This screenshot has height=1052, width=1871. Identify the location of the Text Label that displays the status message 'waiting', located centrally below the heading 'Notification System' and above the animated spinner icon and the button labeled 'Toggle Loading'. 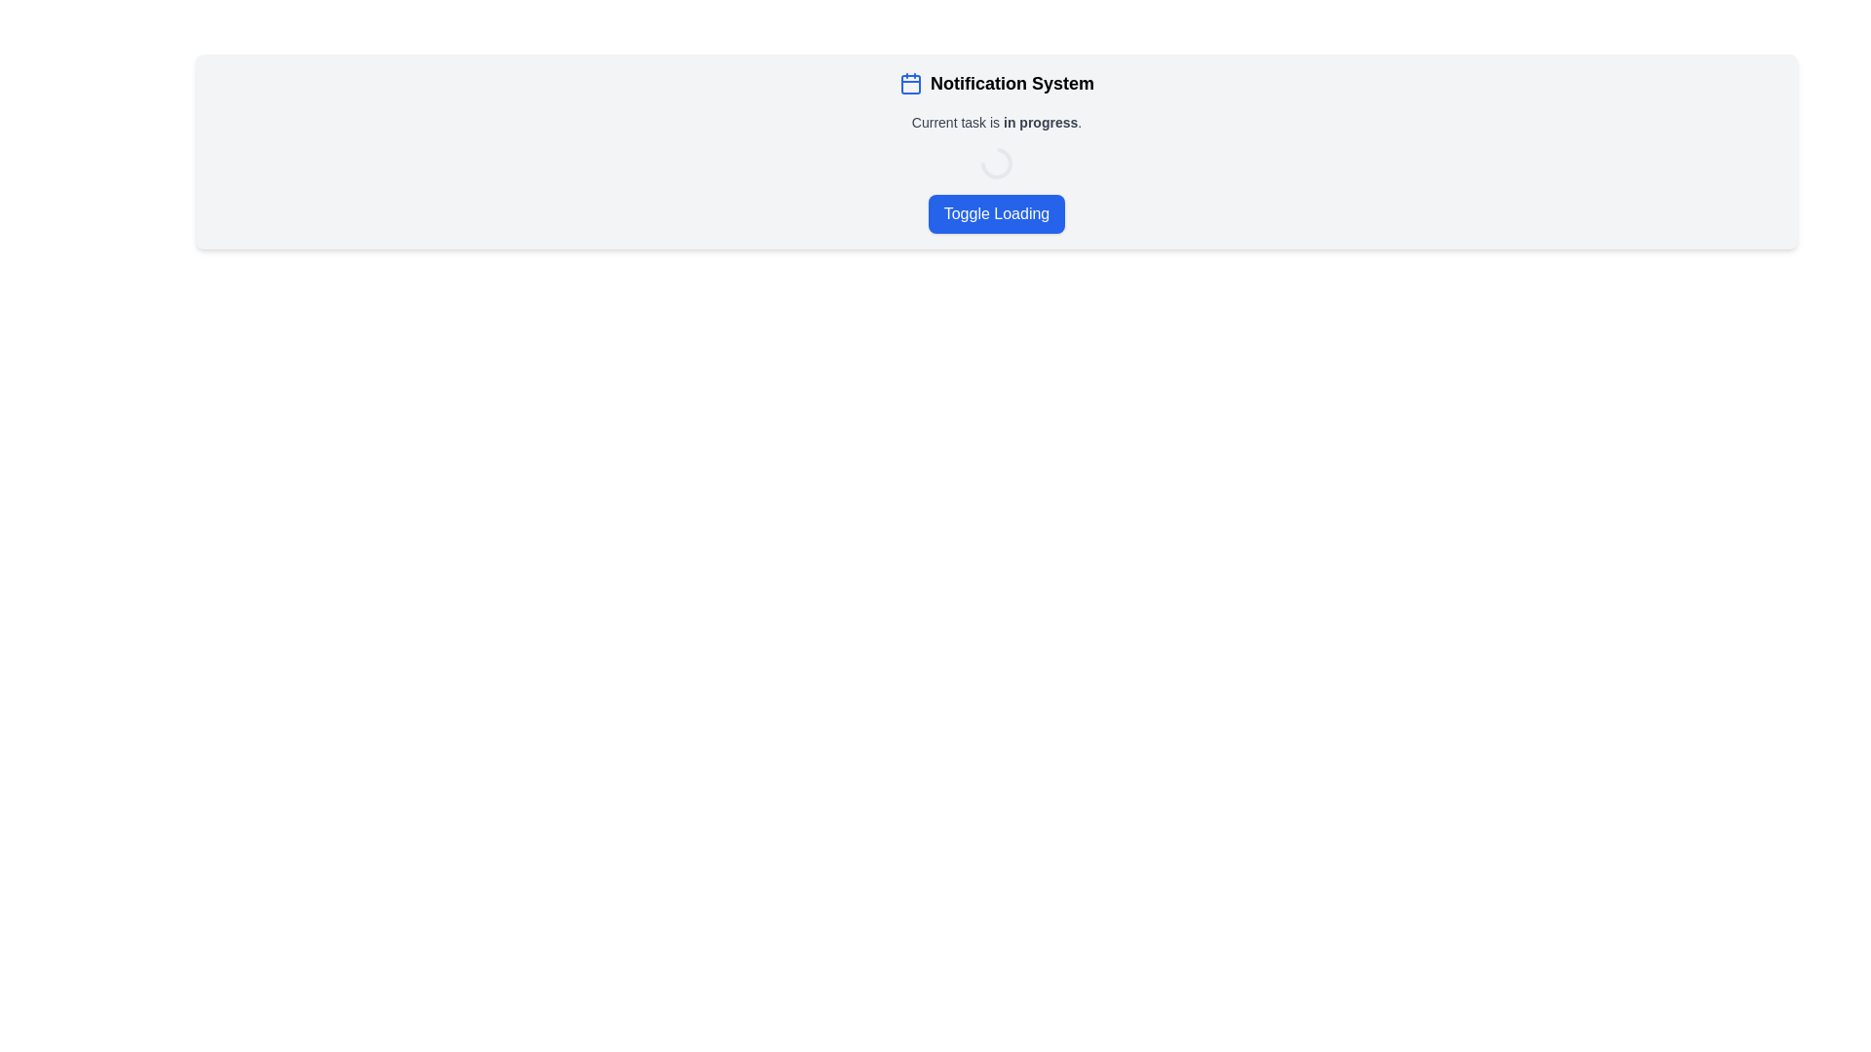
(996, 123).